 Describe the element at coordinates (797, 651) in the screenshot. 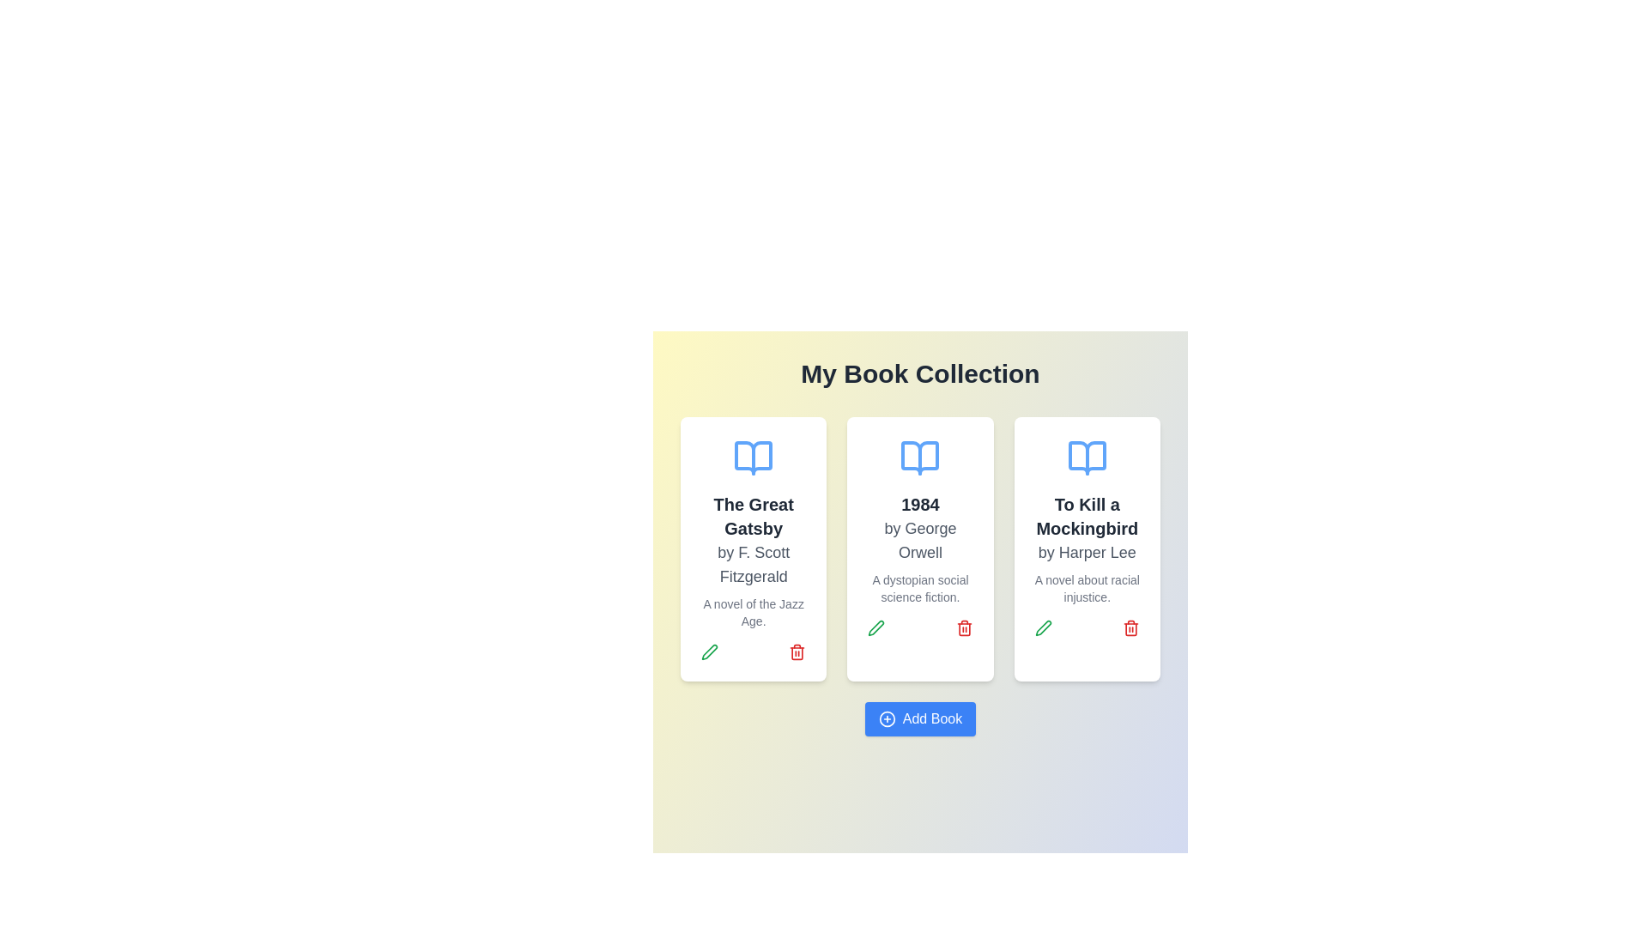

I see `the red trash bin icon` at that location.